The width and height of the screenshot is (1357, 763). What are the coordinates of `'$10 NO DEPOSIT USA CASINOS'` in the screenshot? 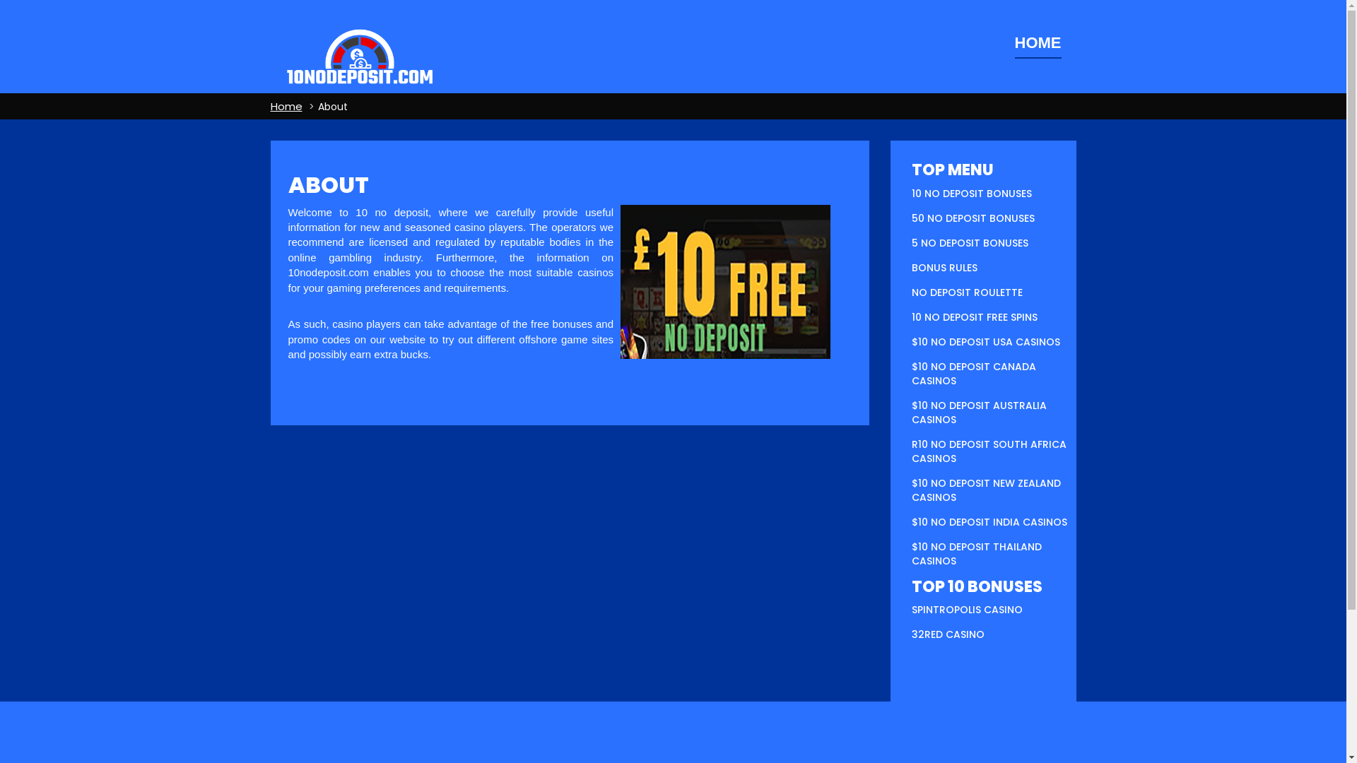 It's located at (985, 341).